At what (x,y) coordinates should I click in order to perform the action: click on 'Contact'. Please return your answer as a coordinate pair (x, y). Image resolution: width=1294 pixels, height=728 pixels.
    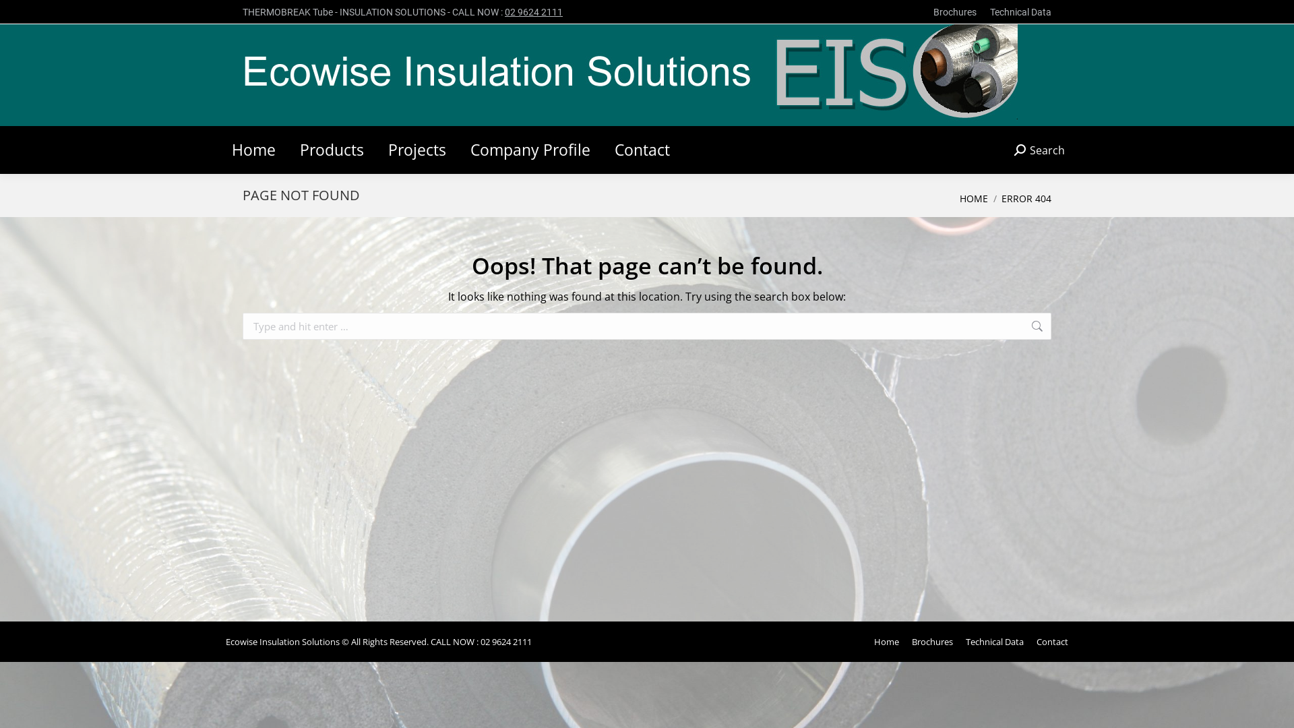
    Looking at the image, I should click on (611, 150).